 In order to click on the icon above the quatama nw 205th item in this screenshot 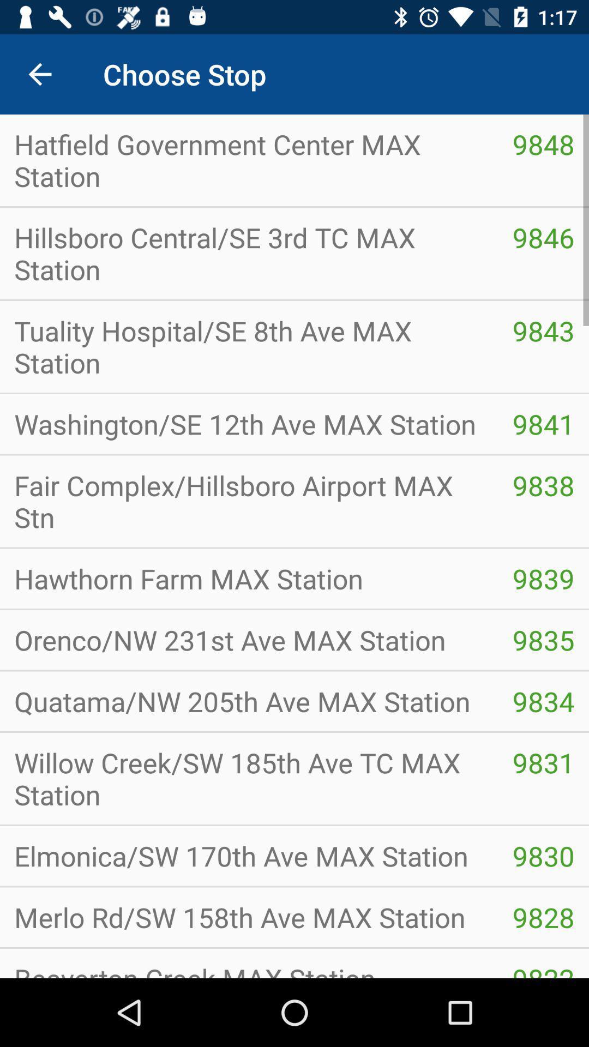, I will do `click(543, 640)`.